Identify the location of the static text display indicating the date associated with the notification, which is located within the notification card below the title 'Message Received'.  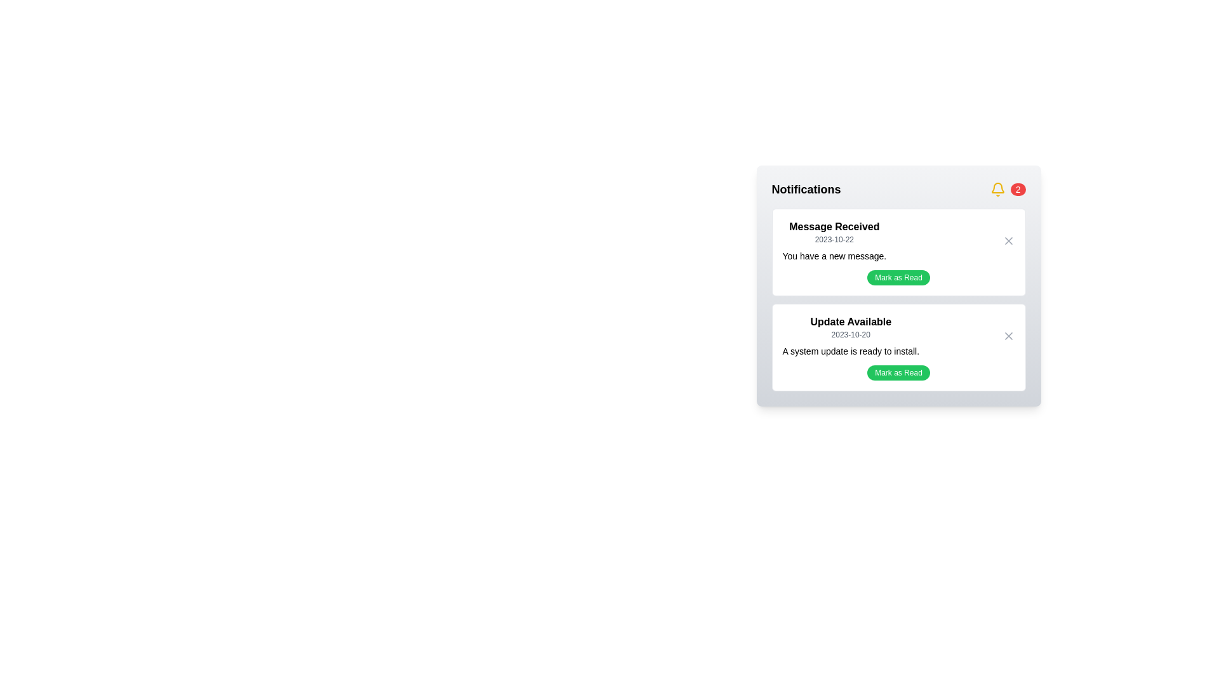
(834, 240).